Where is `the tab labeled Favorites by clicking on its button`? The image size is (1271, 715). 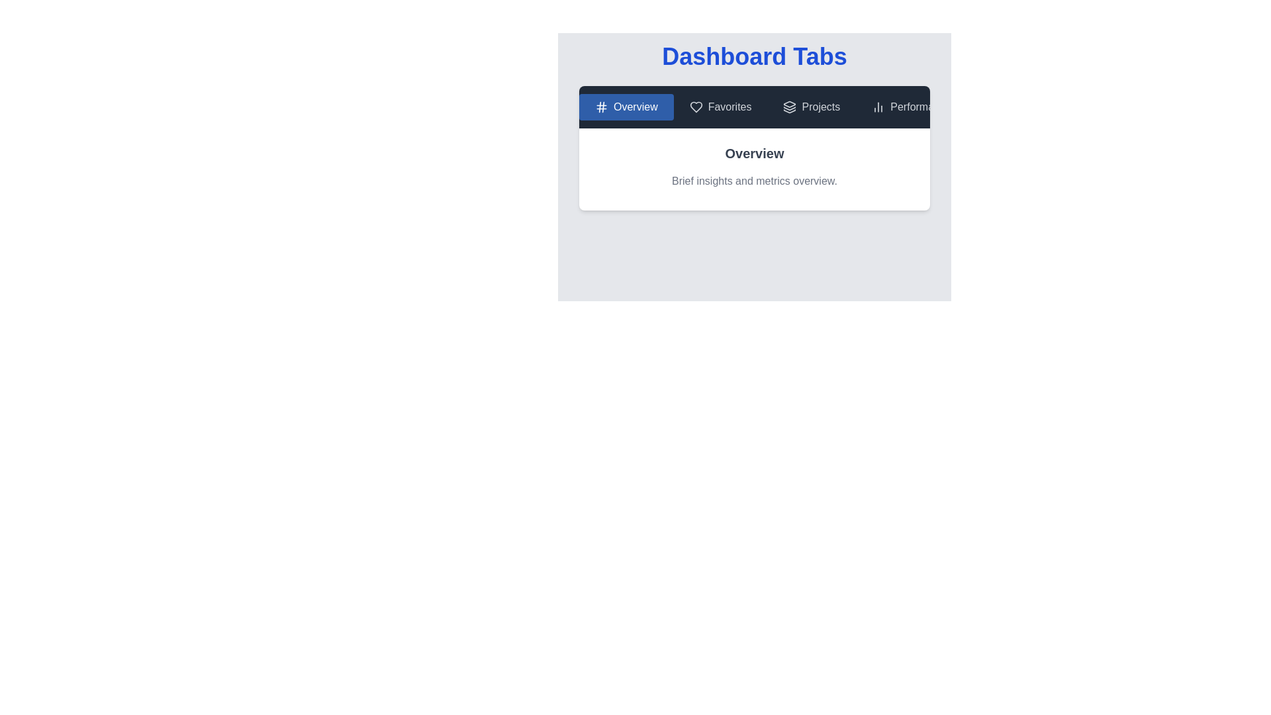 the tab labeled Favorites by clicking on its button is located at coordinates (720, 107).